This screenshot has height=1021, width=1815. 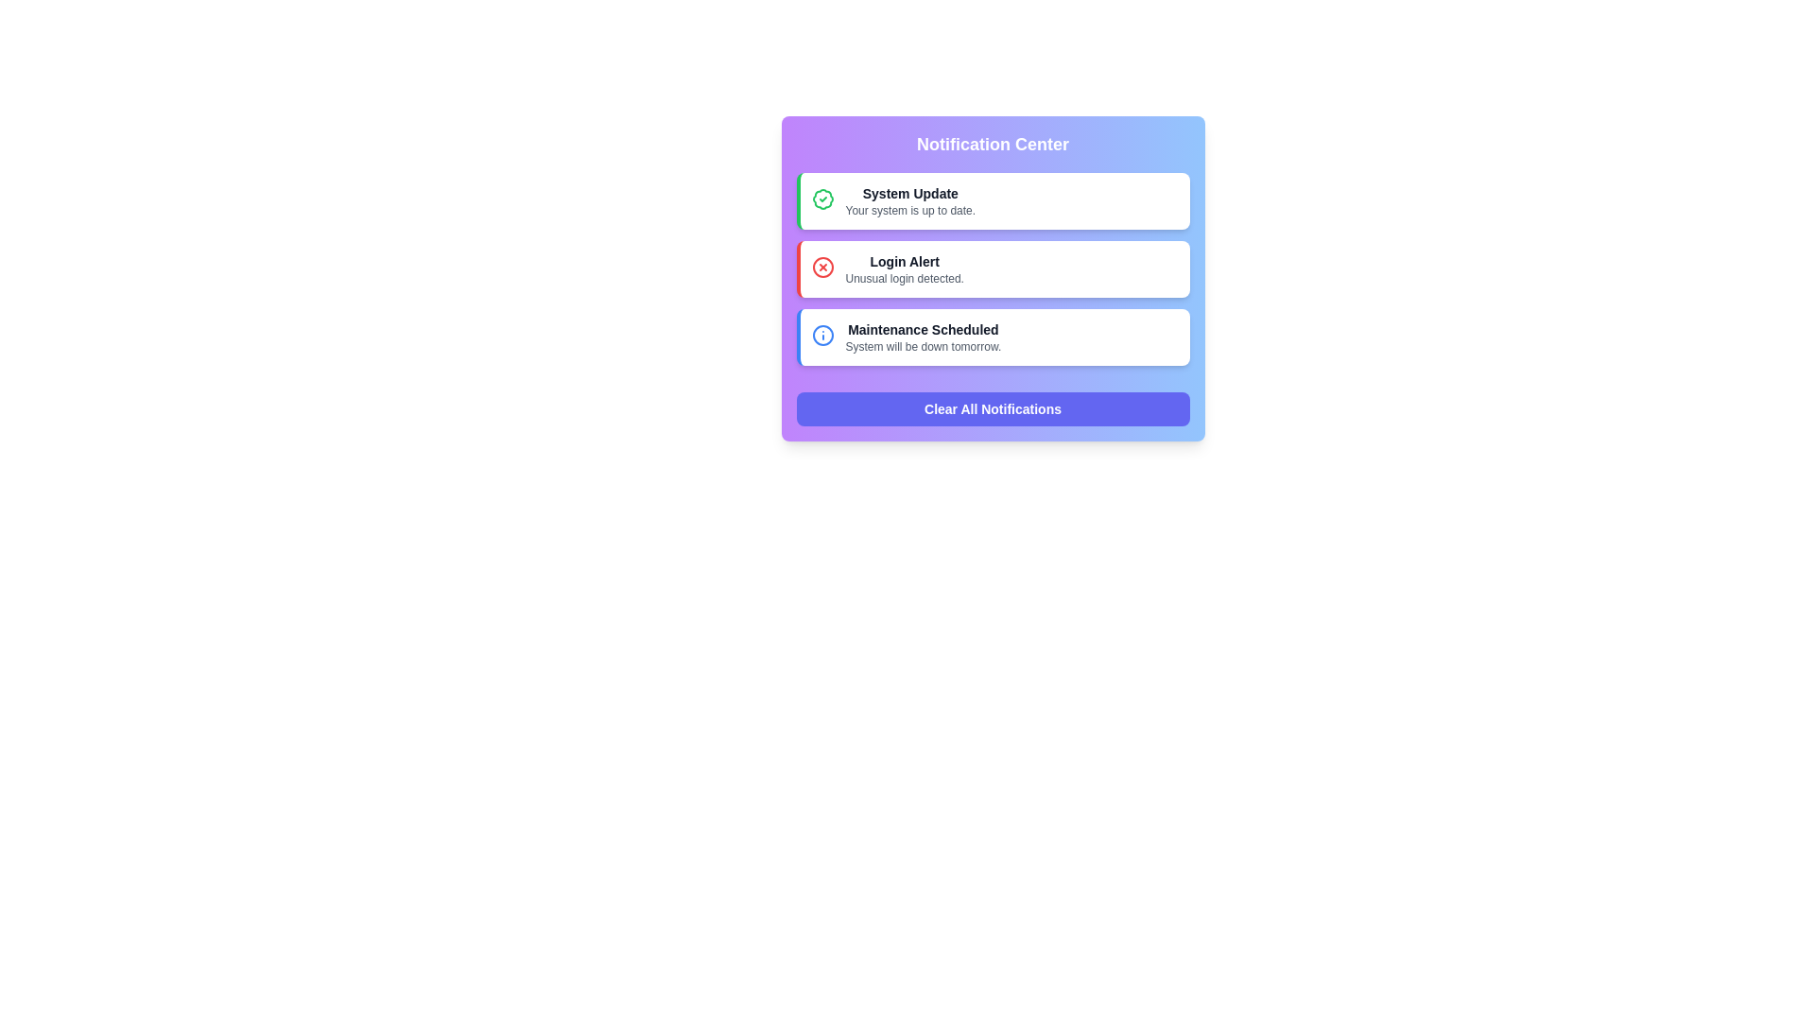 I want to click on the information presented in the third notification card of the 'Notification Center', which contains details about a scheduled maintenance event, so click(x=923, y=337).